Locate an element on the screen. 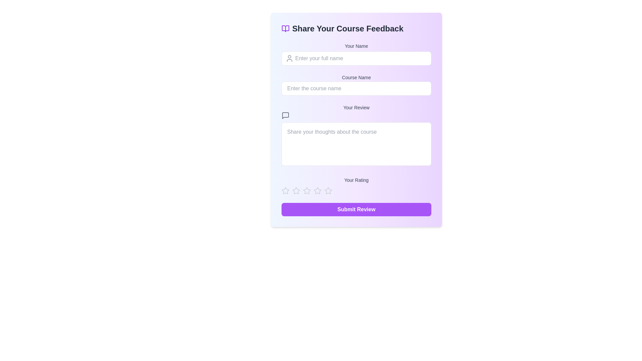 Image resolution: width=642 pixels, height=361 pixels. the second star icon in the 'Your Rating' section is located at coordinates (306, 191).